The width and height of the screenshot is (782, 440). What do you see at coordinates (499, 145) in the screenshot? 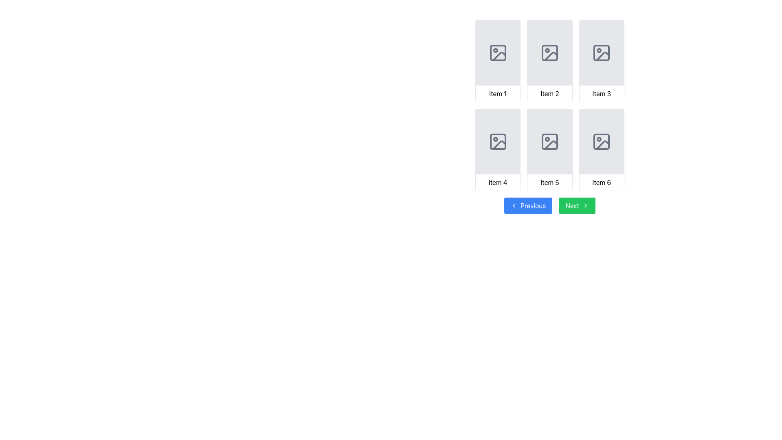
I see `the visual graphic within the fourth icon in the grid layout, located in the second row and first column` at bounding box center [499, 145].